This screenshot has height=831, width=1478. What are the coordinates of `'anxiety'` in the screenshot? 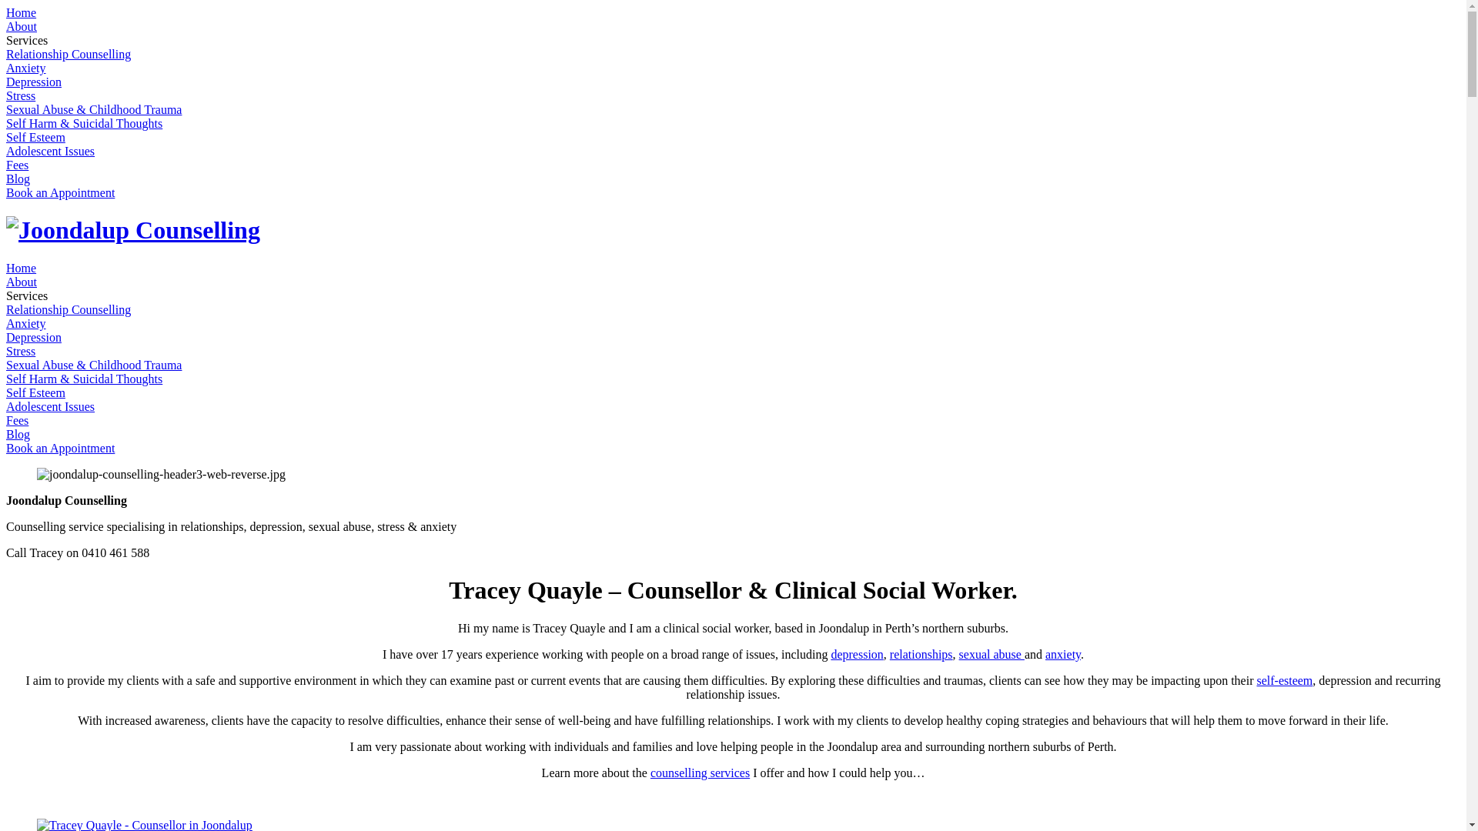 It's located at (1062, 654).